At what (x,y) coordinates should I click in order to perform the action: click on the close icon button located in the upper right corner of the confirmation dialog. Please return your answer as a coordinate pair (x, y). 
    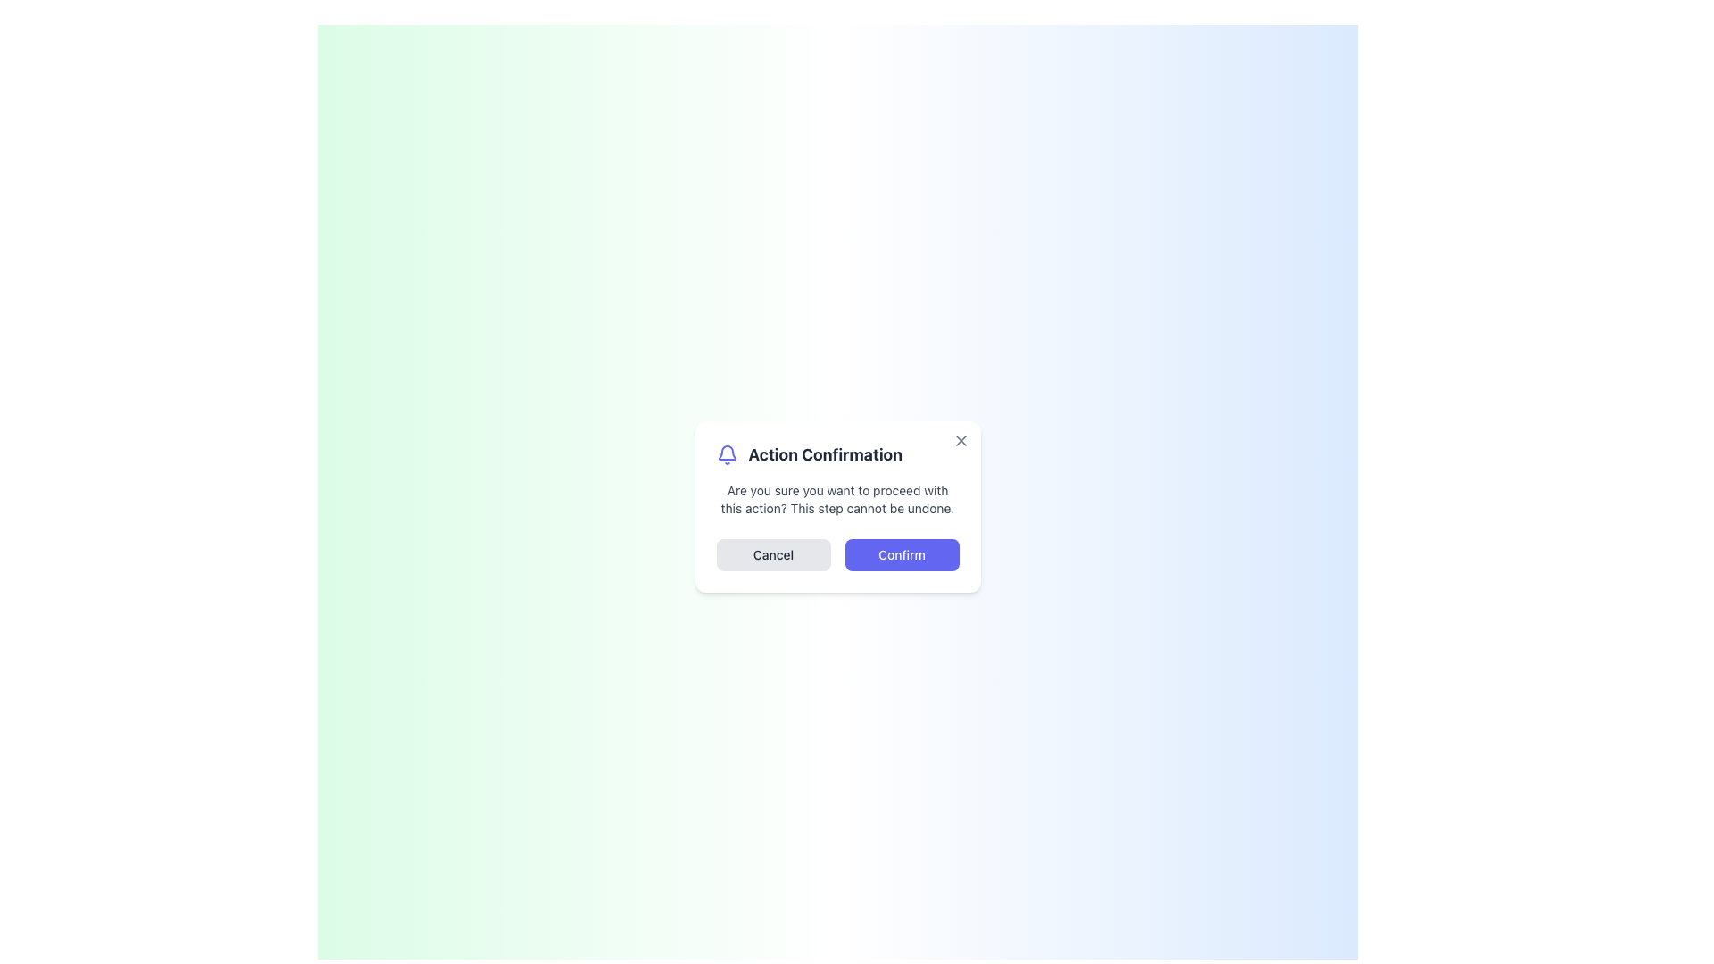
    Looking at the image, I should click on (960, 440).